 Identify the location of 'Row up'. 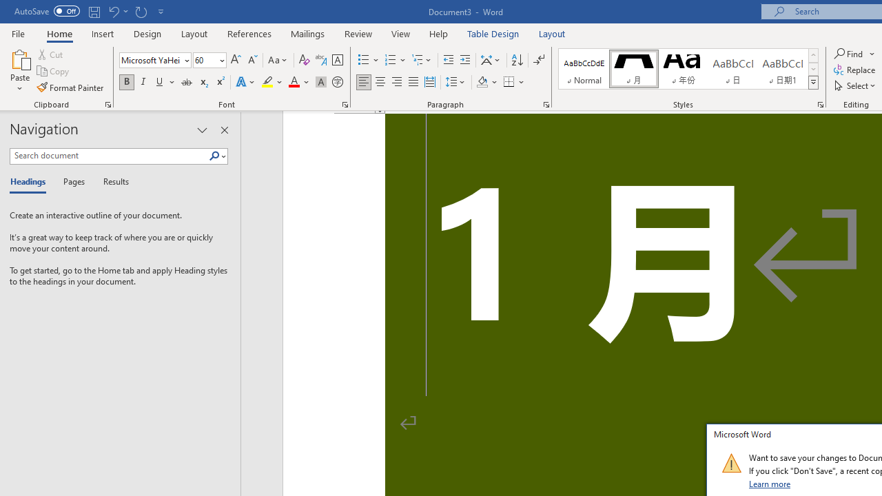
(813, 54).